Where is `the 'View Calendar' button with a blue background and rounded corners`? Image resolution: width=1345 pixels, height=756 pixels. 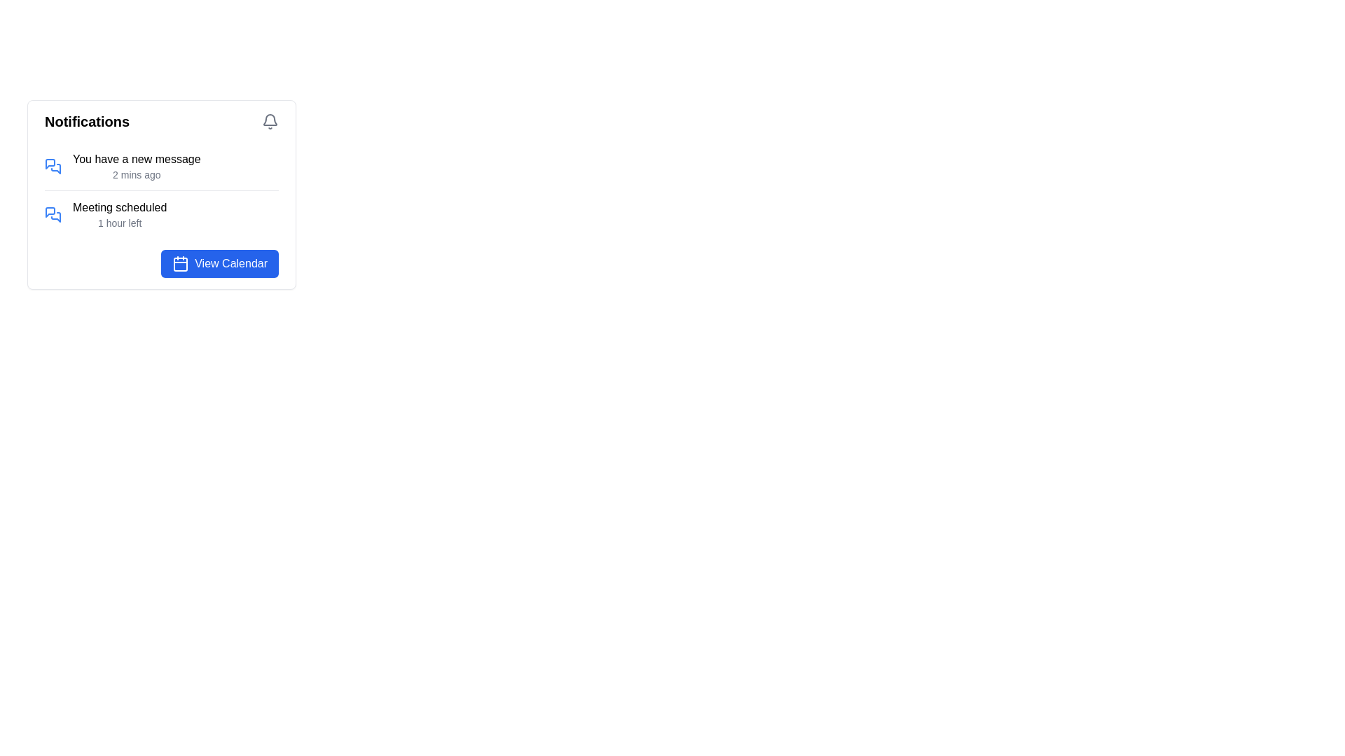
the 'View Calendar' button with a blue background and rounded corners is located at coordinates (161, 264).